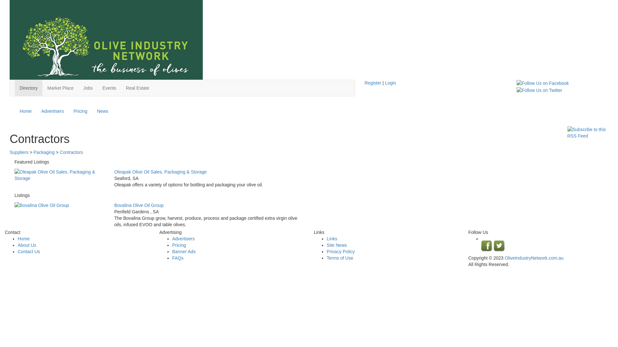  Describe the element at coordinates (539, 89) in the screenshot. I see `'Follow Us on Twitter'` at that location.